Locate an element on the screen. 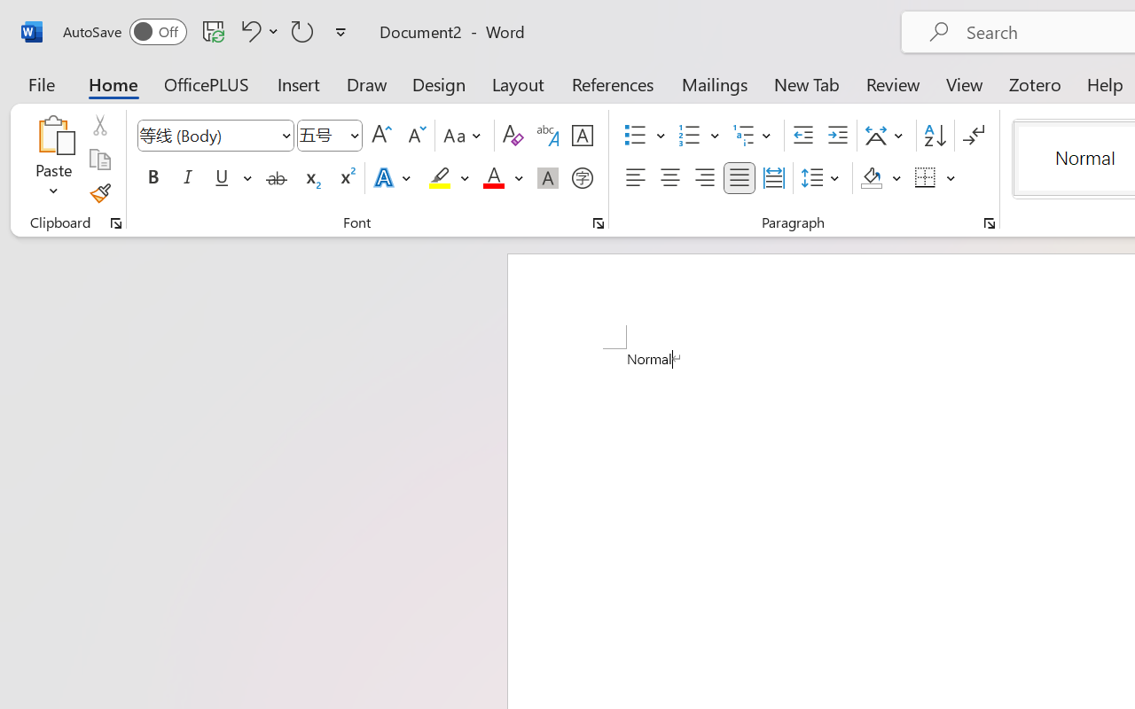 This screenshot has height=709, width=1135. 'Numbering' is located at coordinates (699, 136).